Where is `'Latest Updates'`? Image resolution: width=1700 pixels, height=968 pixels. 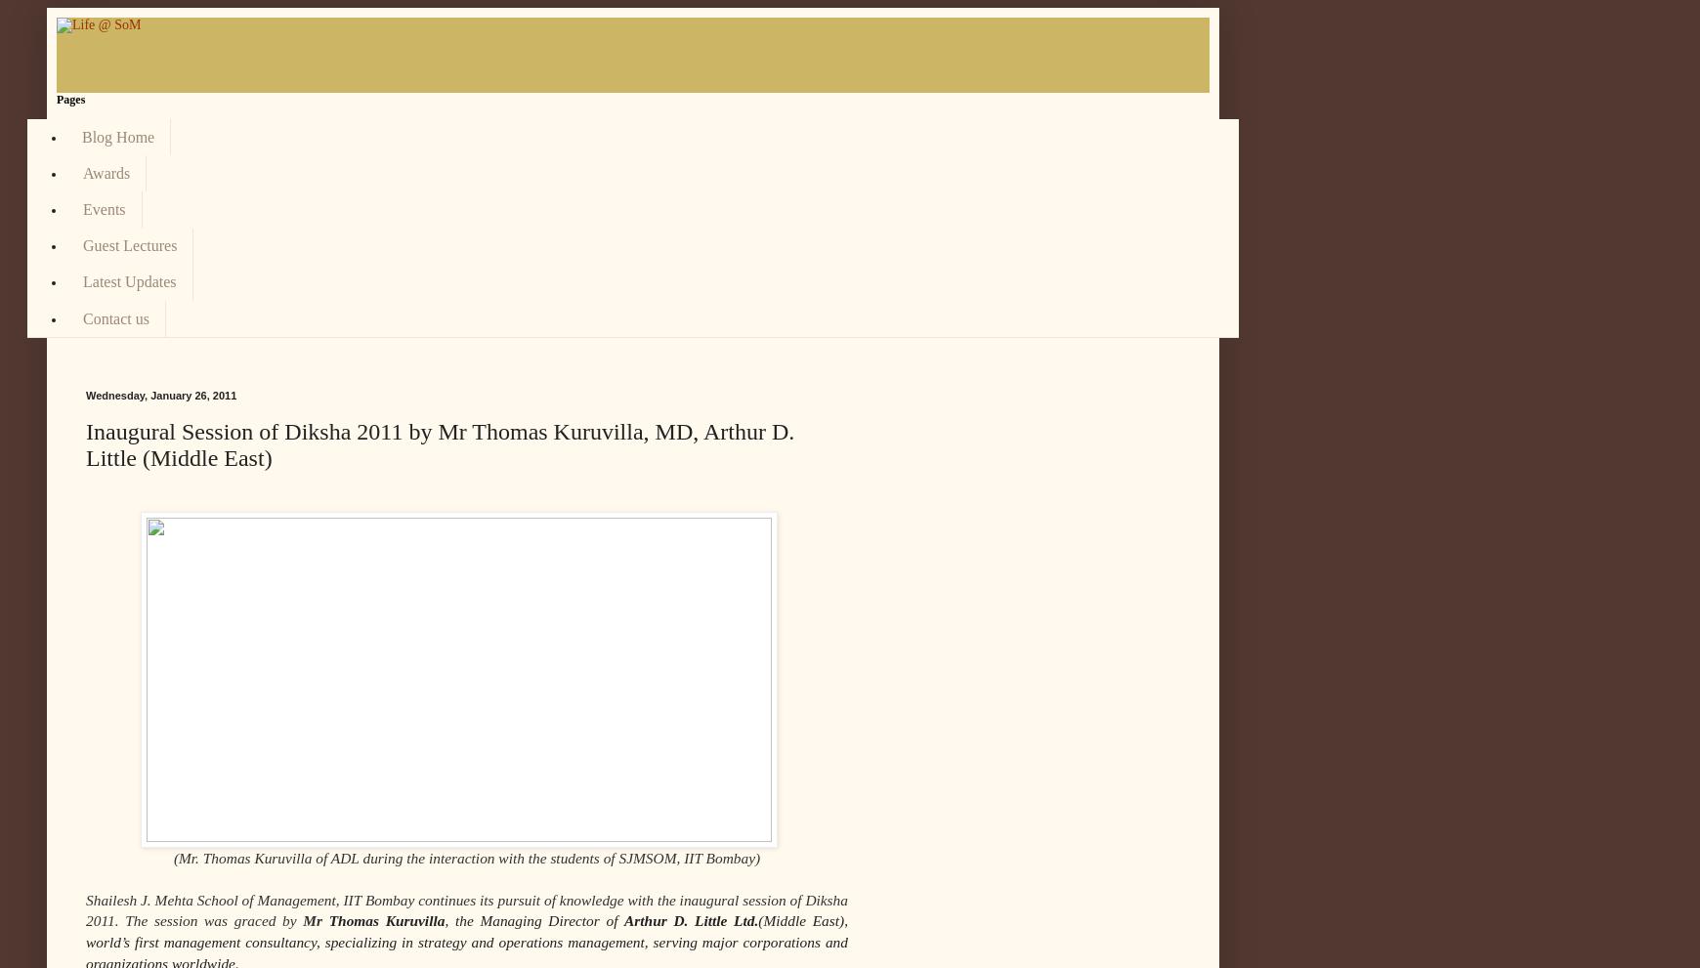 'Latest Updates' is located at coordinates (128, 280).